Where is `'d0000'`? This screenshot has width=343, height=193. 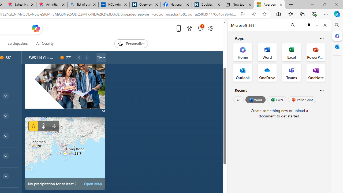 'd0000' is located at coordinates (62, 58).